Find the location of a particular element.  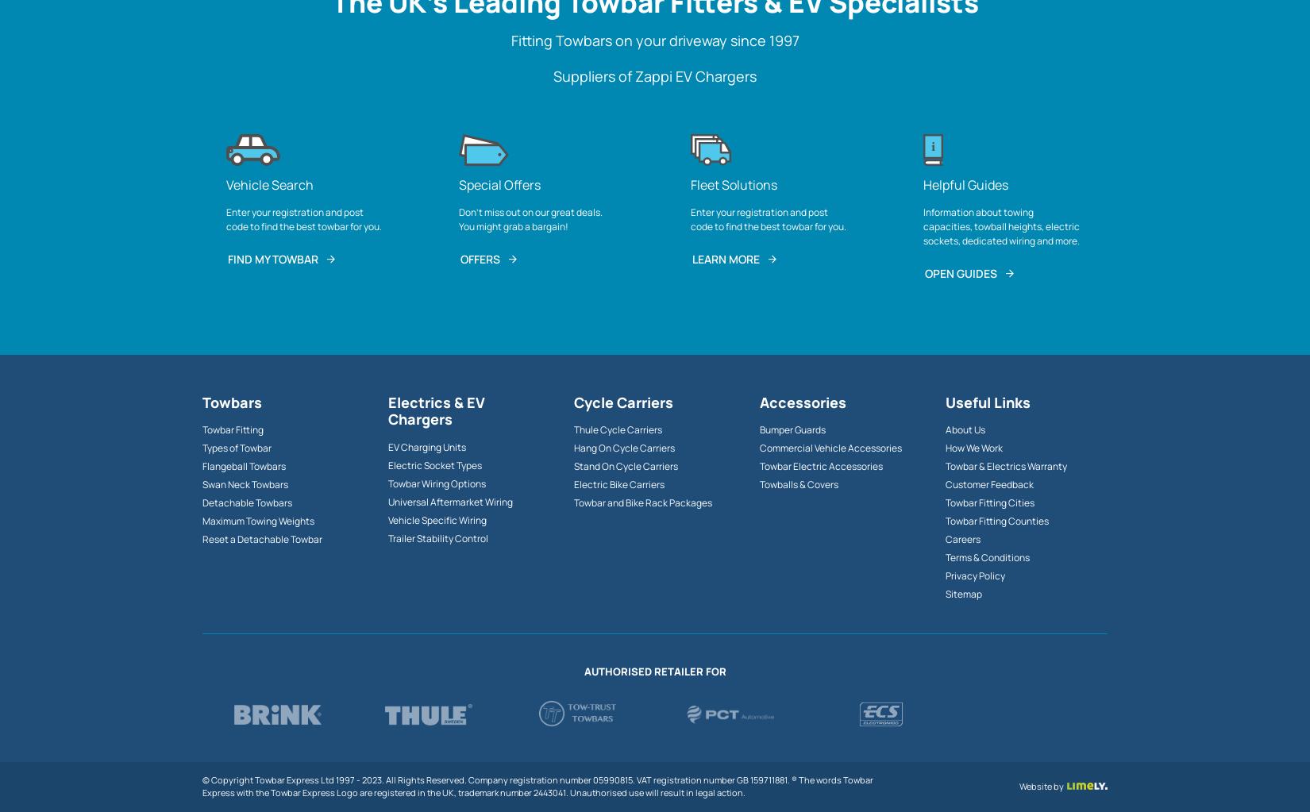

'How We Work' is located at coordinates (945, 448).